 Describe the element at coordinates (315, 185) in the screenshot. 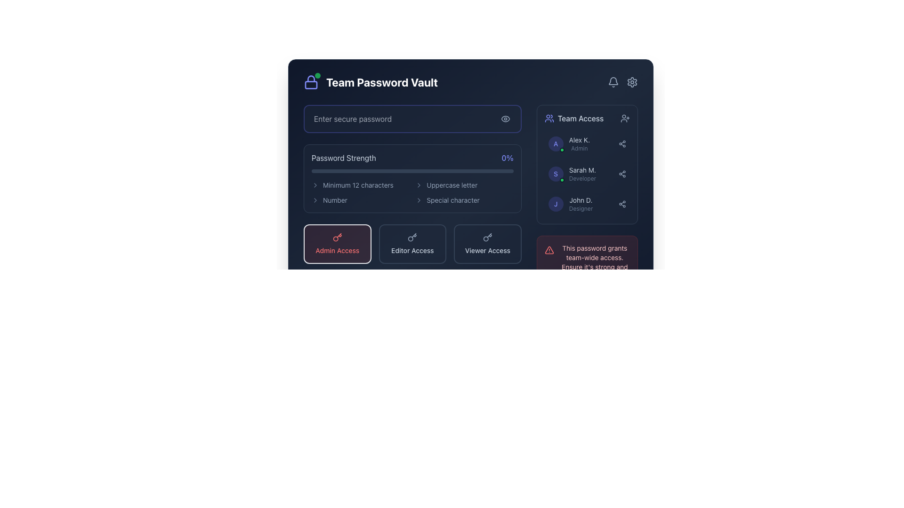

I see `the right-pointing chevron icon, which is a slate-gray visual indicator for password strength requirements, located to the left of the text 'Minimum 12 characters'` at that location.